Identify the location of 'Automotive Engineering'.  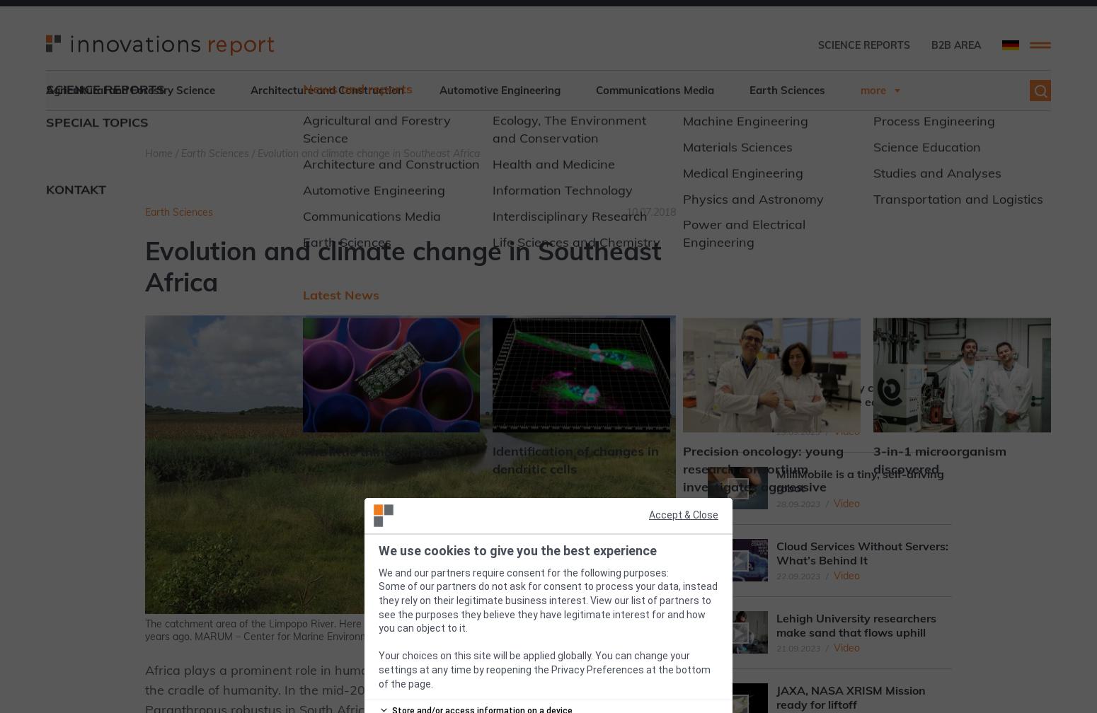
(500, 90).